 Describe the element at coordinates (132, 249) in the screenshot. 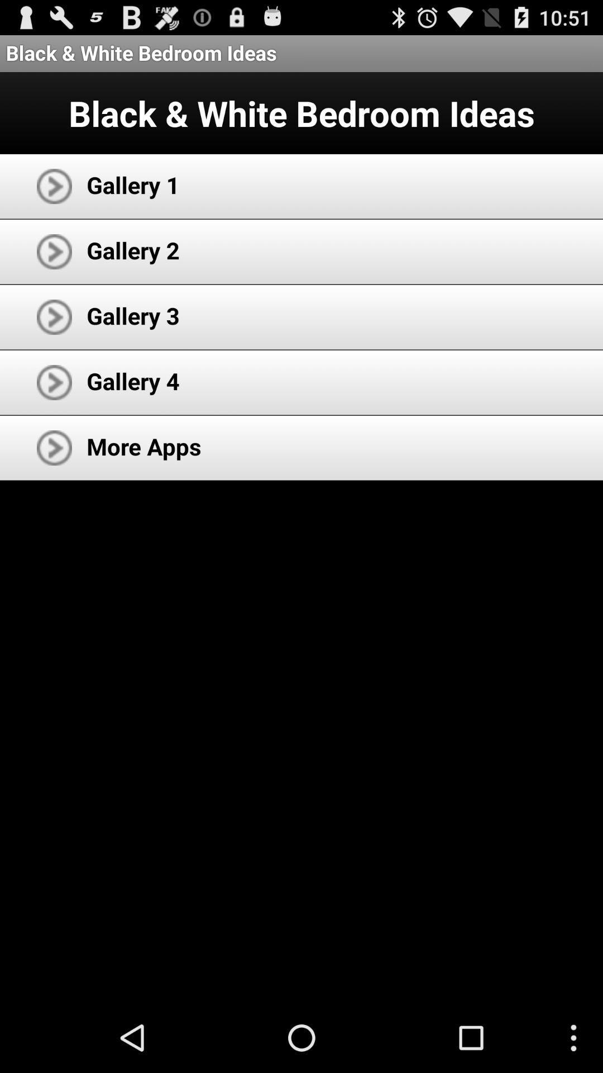

I see `the app above the gallery 3 app` at that location.